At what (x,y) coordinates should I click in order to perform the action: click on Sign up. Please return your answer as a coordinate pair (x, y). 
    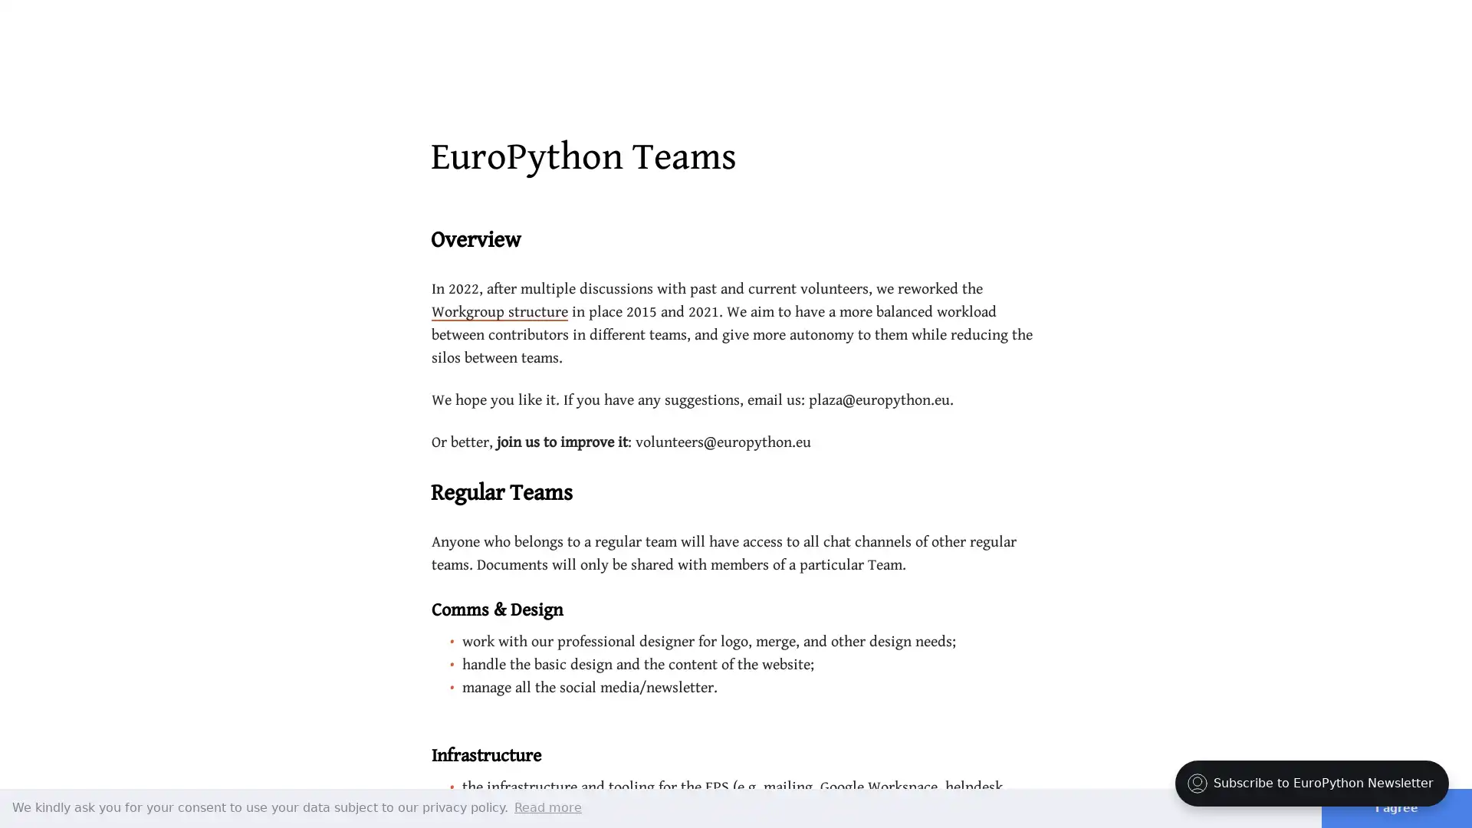
    Looking at the image, I should click on (1413, 29).